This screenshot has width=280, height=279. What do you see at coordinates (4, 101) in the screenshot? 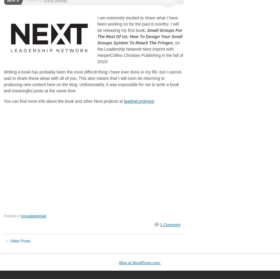
I see `'You can find more info about the book and other Next projects at'` at bounding box center [4, 101].